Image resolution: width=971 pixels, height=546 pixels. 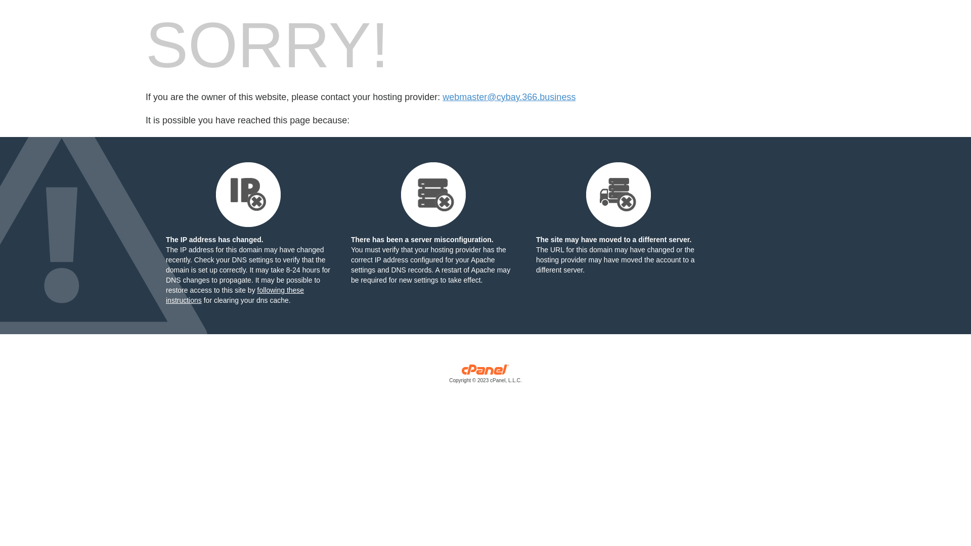 What do you see at coordinates (442, 97) in the screenshot?
I see `'webmaster@cybay.366.business'` at bounding box center [442, 97].